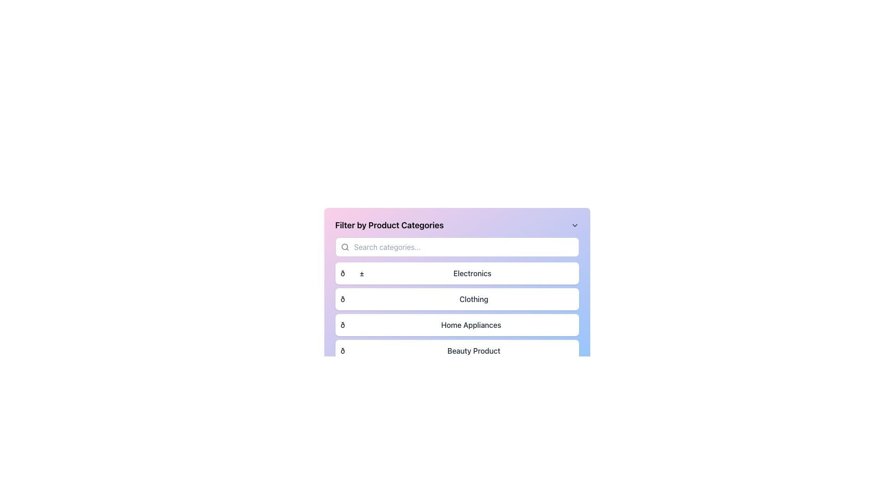 Image resolution: width=886 pixels, height=498 pixels. Describe the element at coordinates (457, 273) in the screenshot. I see `the first selectable list item labeled 'Electronics'` at that location.